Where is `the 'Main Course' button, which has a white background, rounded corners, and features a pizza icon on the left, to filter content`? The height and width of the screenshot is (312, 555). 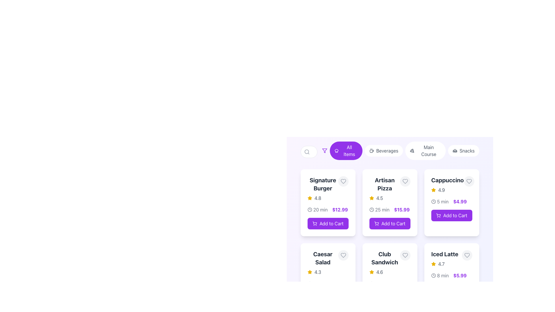
the 'Main Course' button, which has a white background, rounded corners, and features a pizza icon on the left, to filter content is located at coordinates (425, 150).